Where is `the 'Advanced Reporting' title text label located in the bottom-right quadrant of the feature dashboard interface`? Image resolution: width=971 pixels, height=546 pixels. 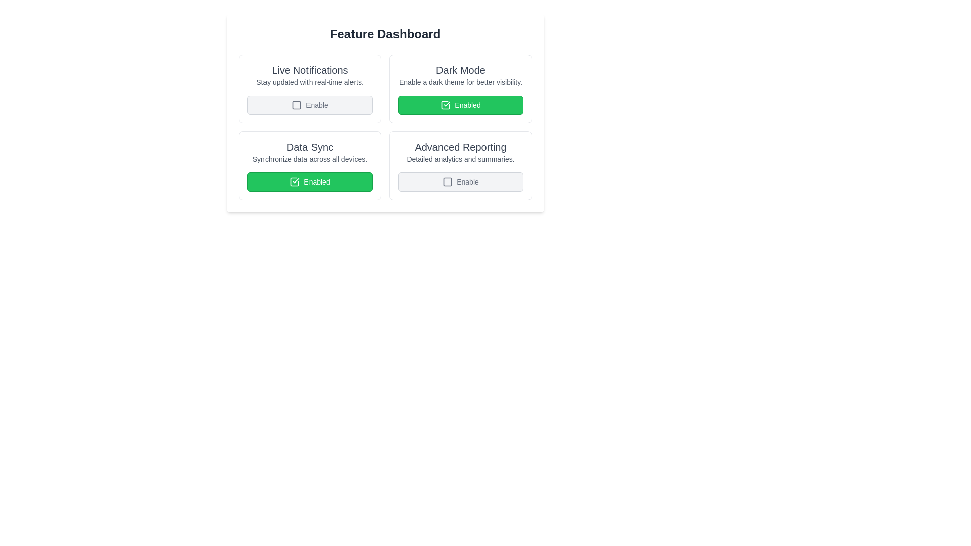 the 'Advanced Reporting' title text label located in the bottom-right quadrant of the feature dashboard interface is located at coordinates (460, 147).